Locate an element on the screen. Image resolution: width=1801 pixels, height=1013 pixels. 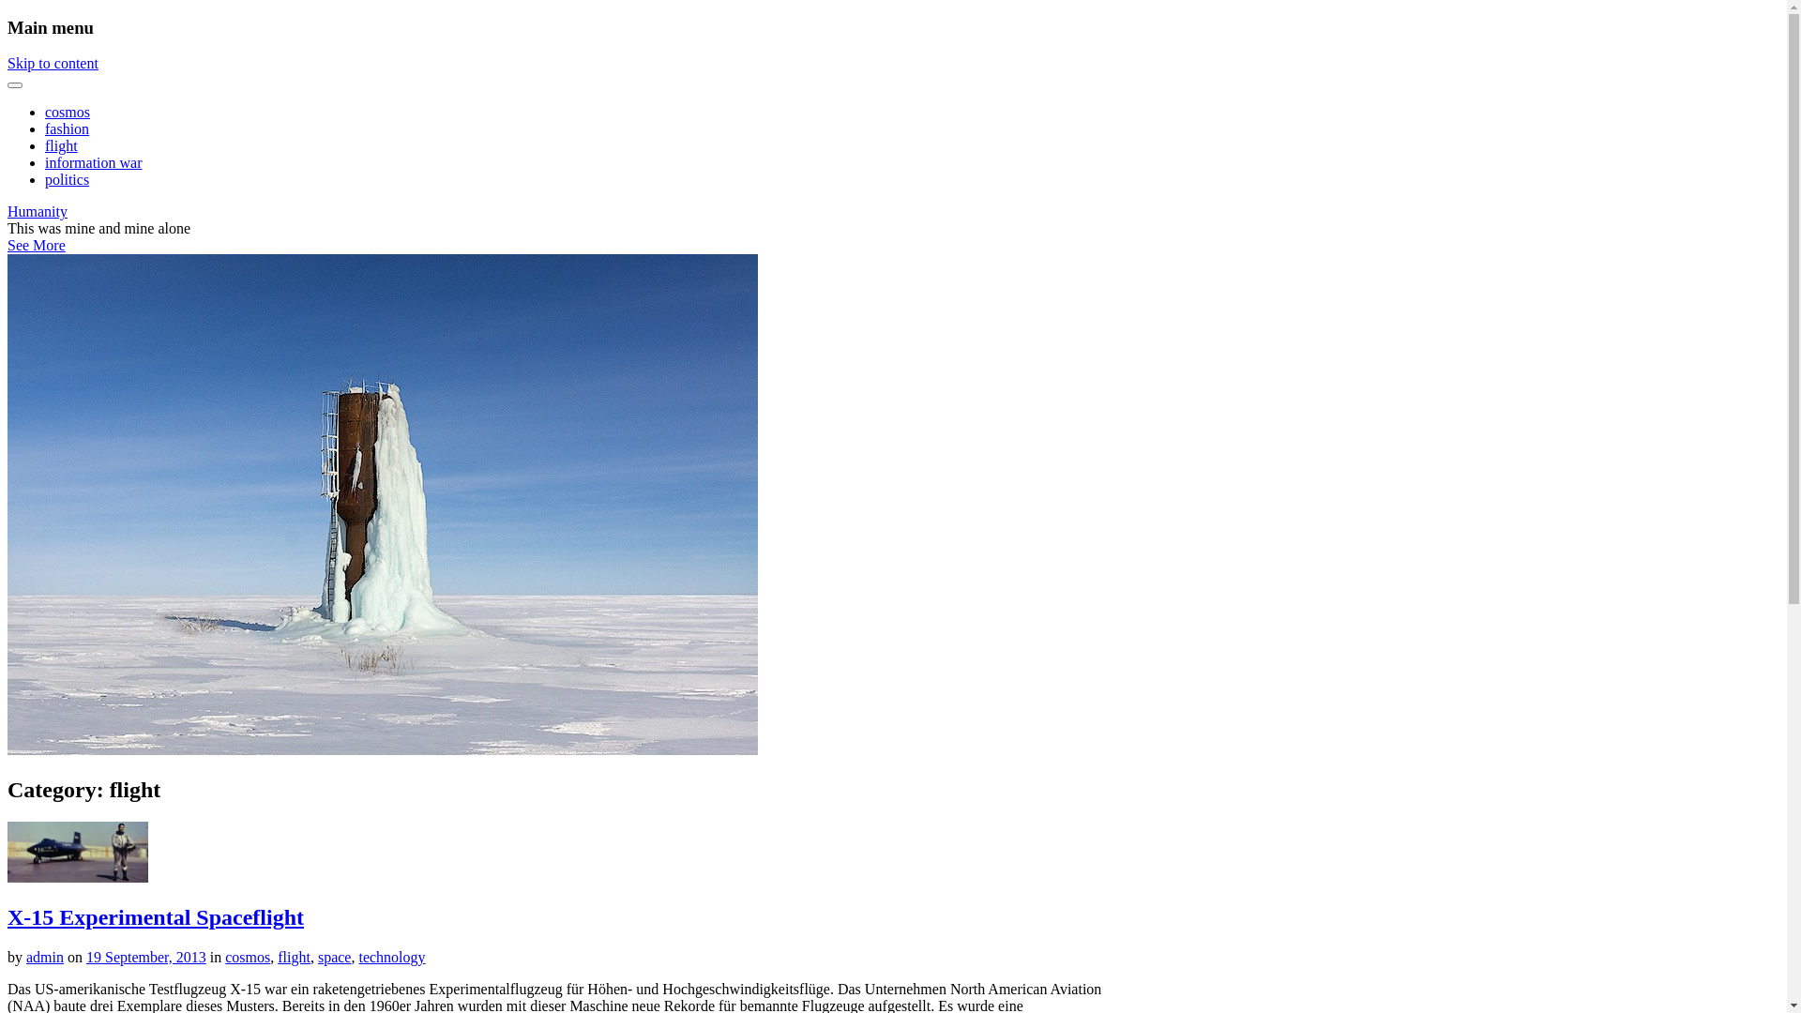
'See More' is located at coordinates (8, 244).